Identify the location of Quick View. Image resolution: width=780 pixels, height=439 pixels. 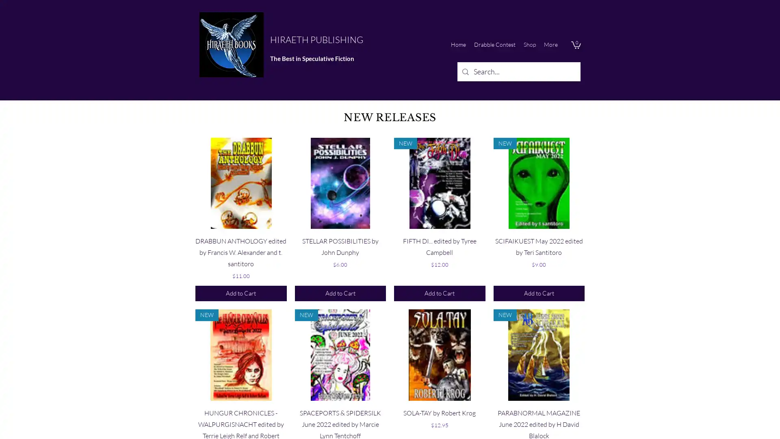
(539, 411).